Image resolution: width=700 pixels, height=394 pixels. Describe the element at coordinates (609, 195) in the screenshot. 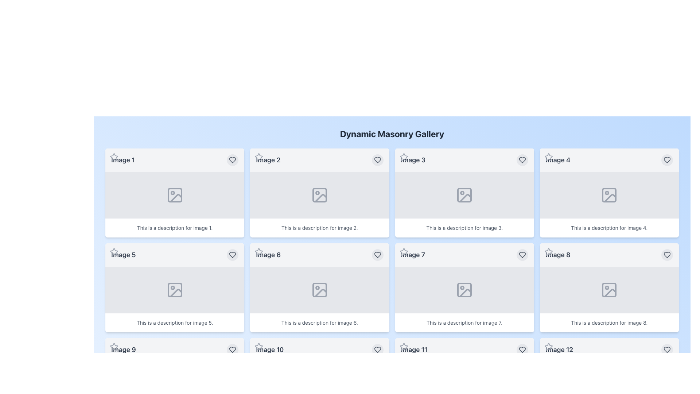

I see `the image placeholder icon located in the fourth tile of the dynamic masonry gallery, positioned below the 'Image 4' label` at that location.